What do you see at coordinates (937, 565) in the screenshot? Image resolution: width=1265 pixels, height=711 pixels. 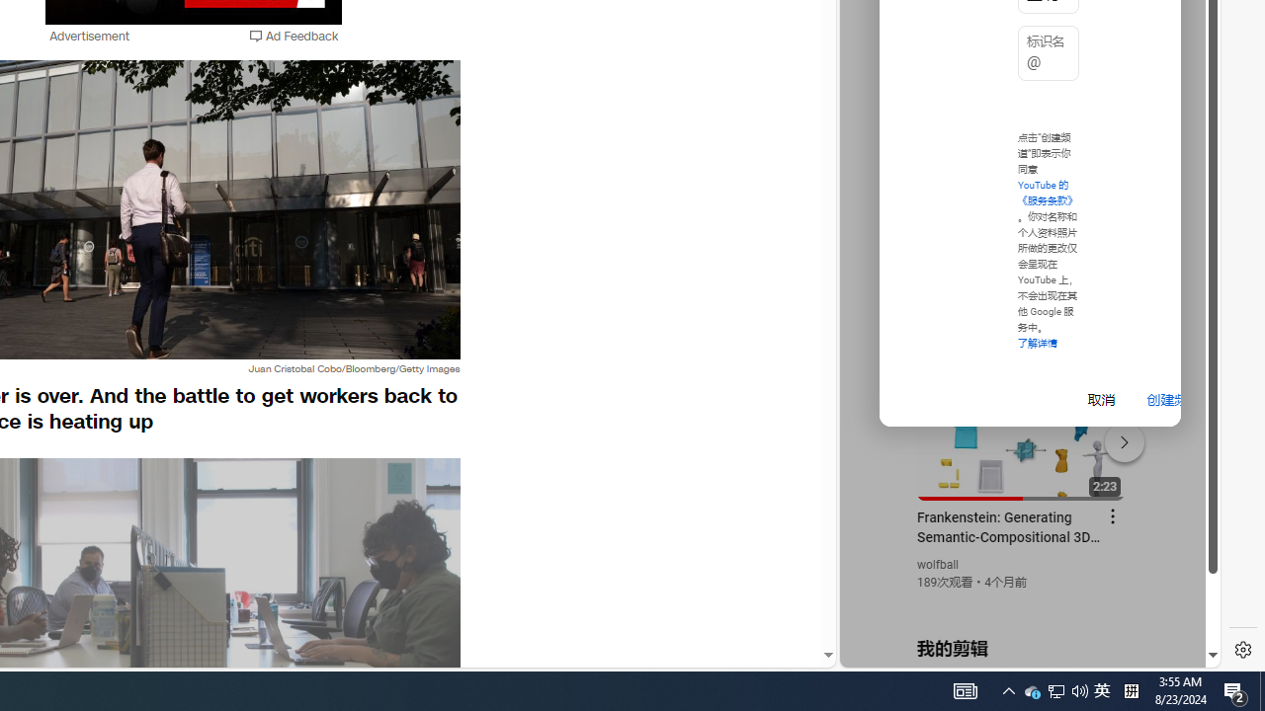 I see `'wolfball'` at bounding box center [937, 565].